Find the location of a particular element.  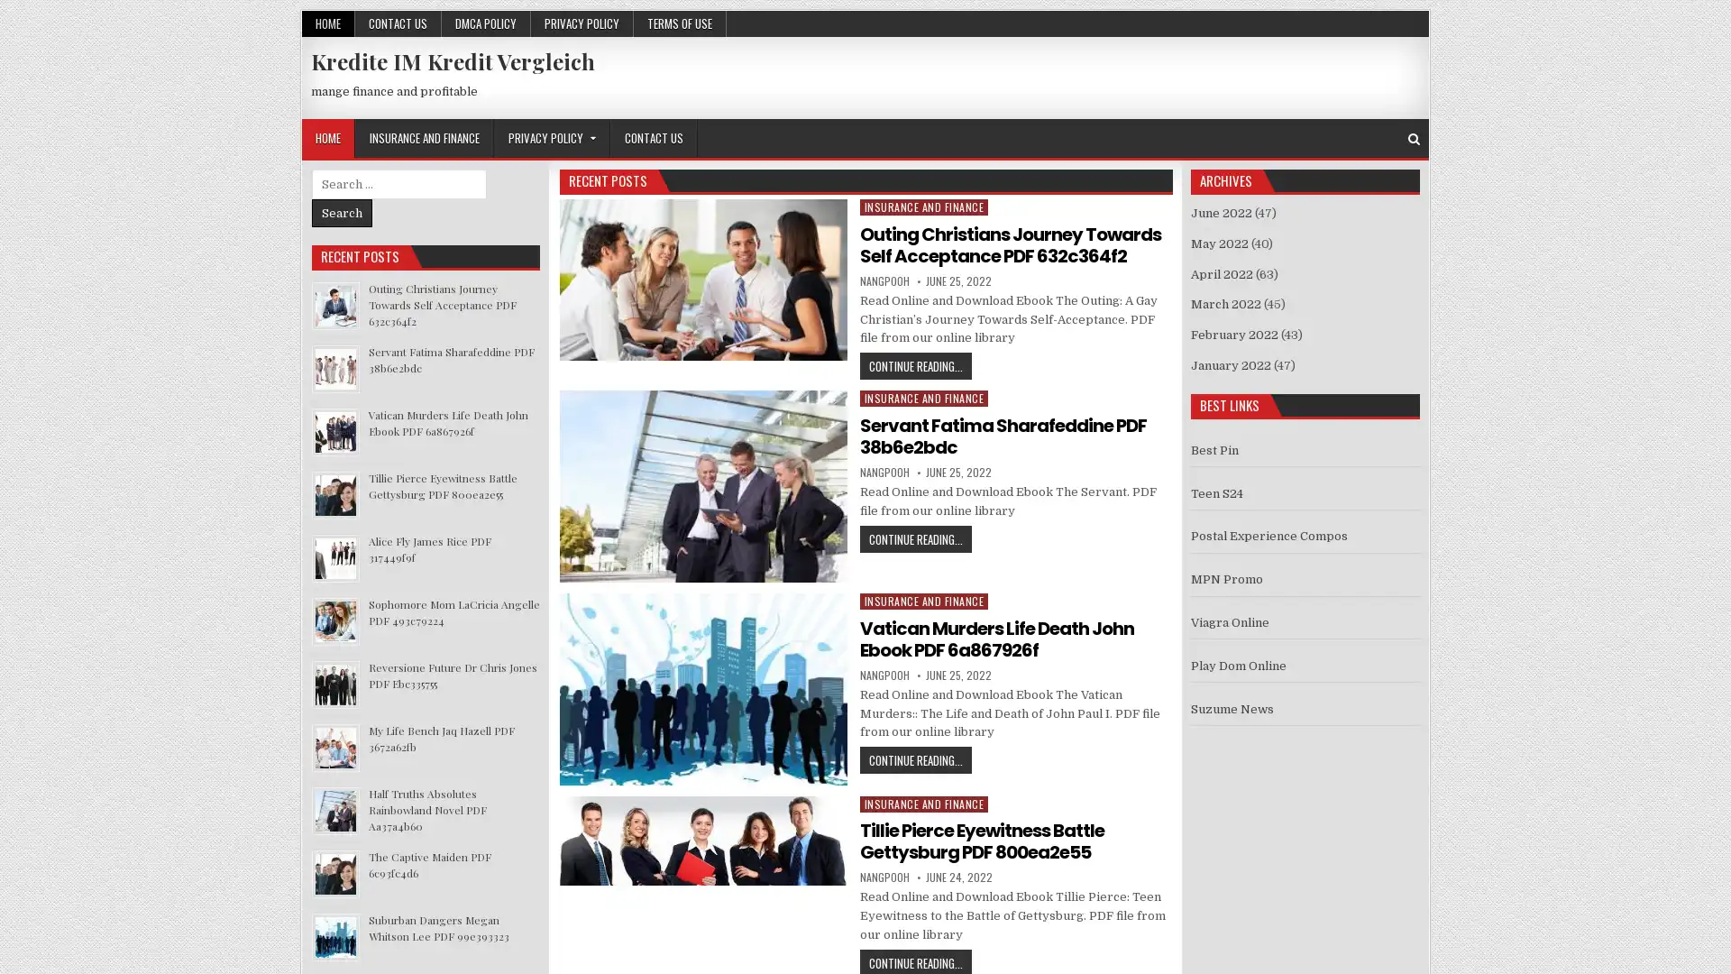

Search is located at coordinates (341, 212).